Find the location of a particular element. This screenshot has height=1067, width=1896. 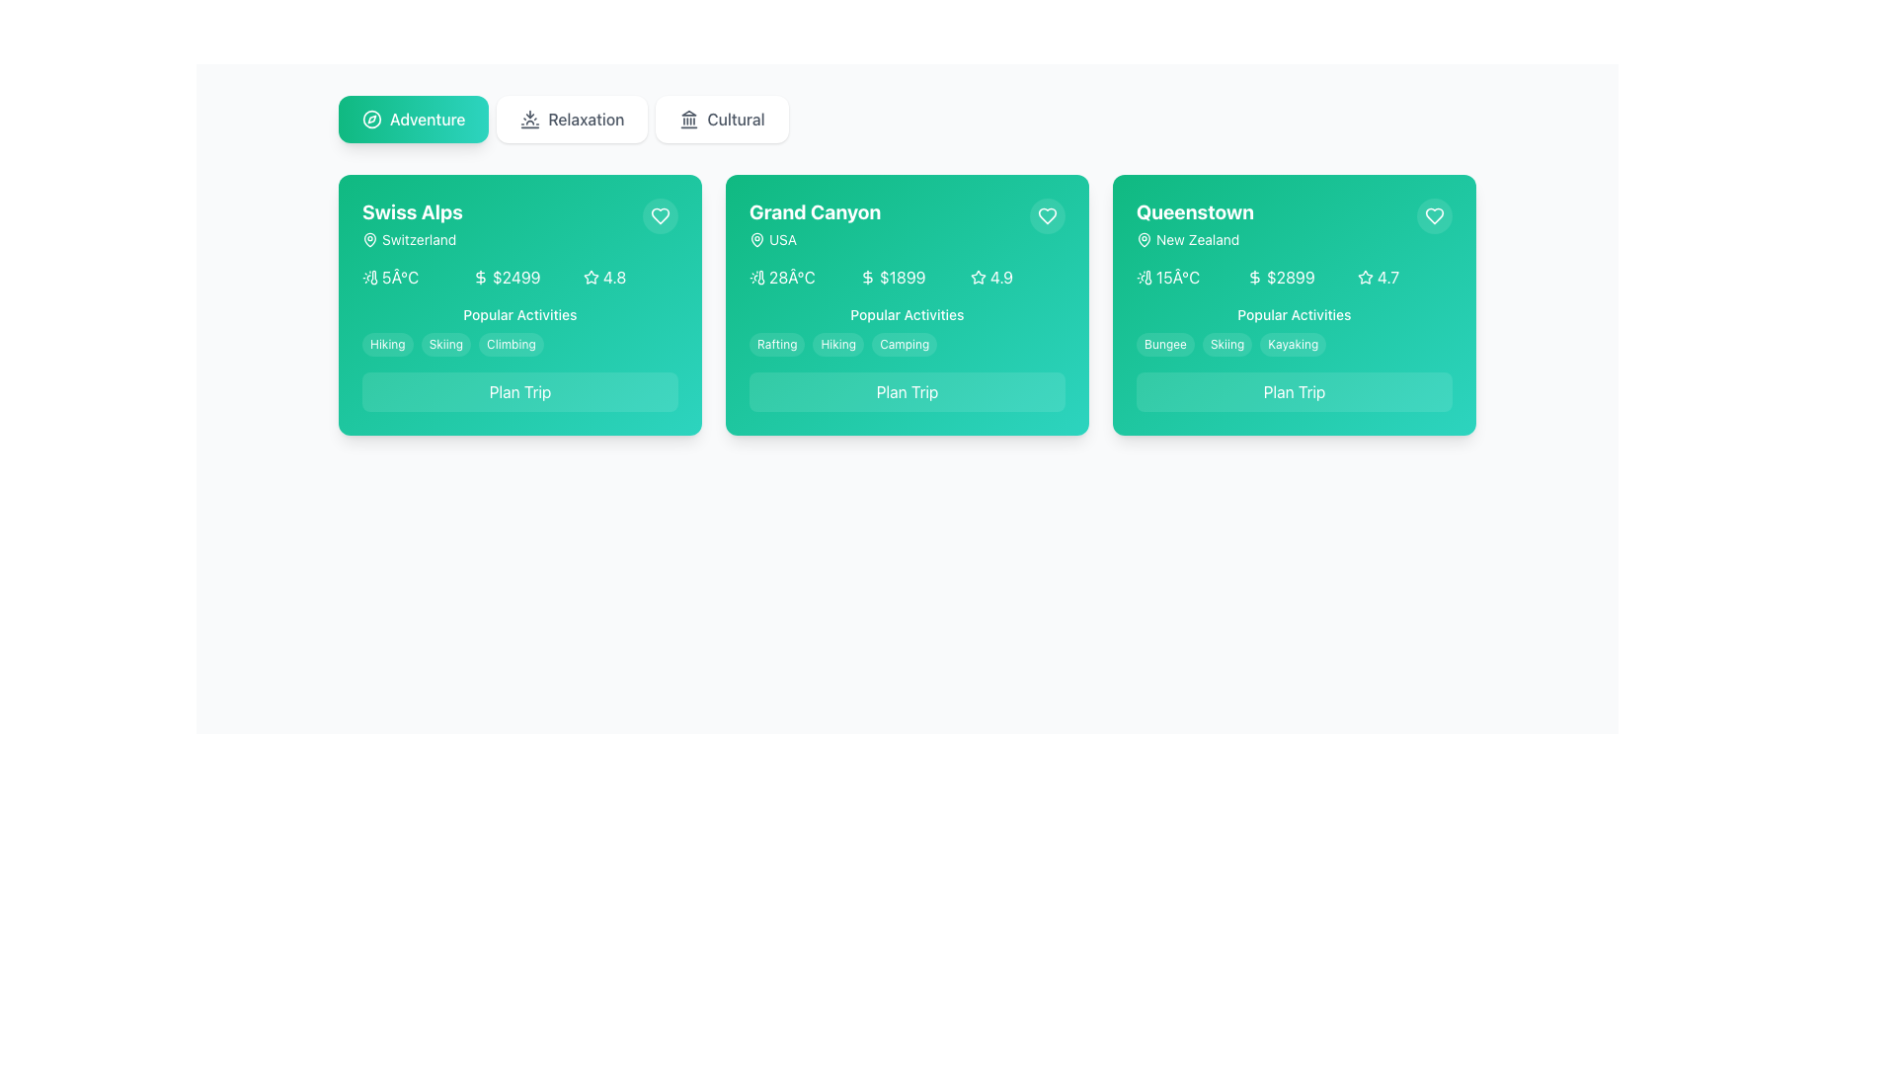

the map pin icon located on the left side of the text 'New Zealand' within the 'Queenstown' card in the third column is located at coordinates (1144, 239).